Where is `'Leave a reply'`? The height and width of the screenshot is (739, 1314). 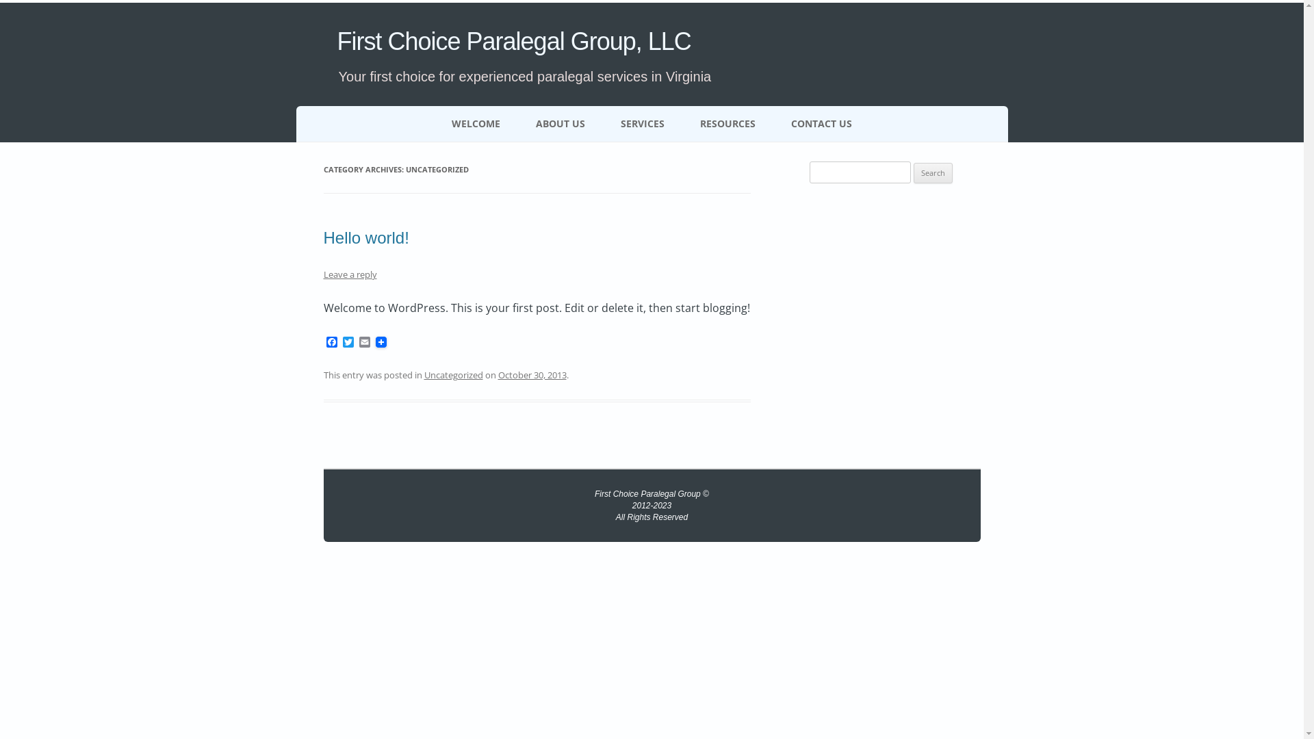 'Leave a reply' is located at coordinates (349, 274).